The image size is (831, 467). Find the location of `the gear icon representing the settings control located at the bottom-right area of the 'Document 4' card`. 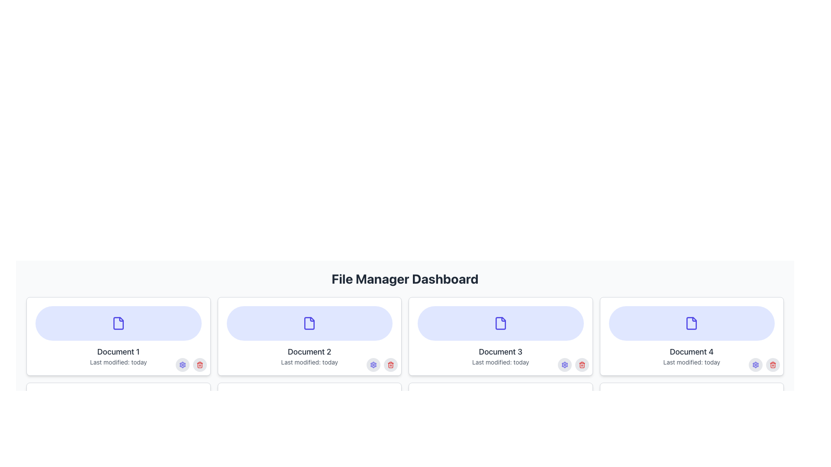

the gear icon representing the settings control located at the bottom-right area of the 'Document 4' card is located at coordinates (564, 365).